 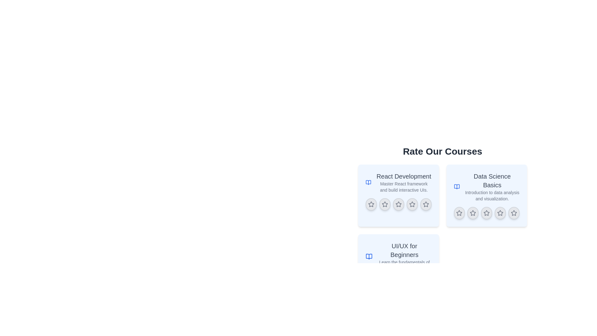 I want to click on the icon representing the course 'UI/UX for Beginners', located to the left of the course title and description, which visually indicates course content related to books or design fundamentals, so click(x=369, y=257).